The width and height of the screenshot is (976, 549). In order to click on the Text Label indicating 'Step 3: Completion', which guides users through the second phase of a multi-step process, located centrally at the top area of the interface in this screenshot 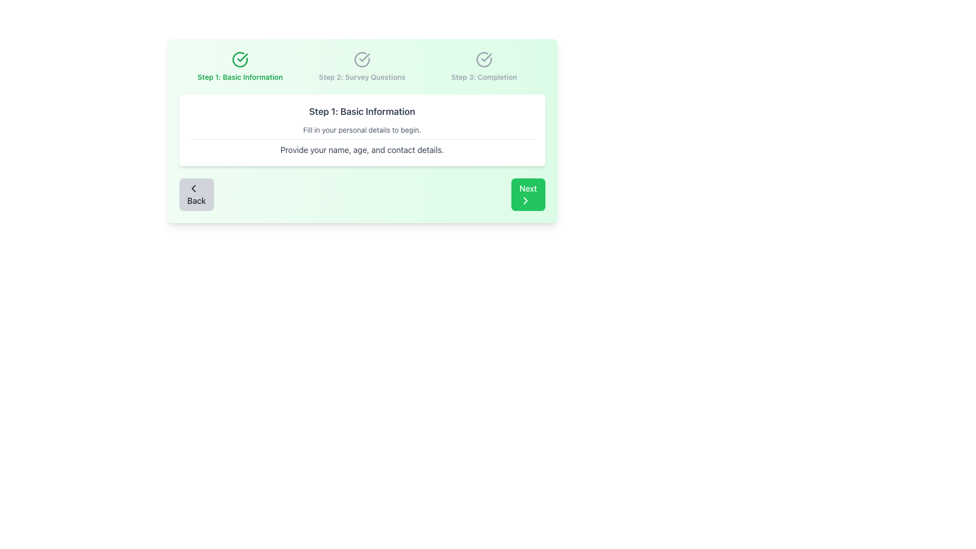, I will do `click(362, 76)`.